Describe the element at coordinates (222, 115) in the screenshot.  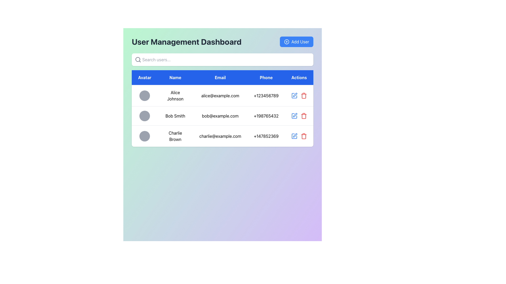
I see `the table row containing the entry for 'Bob Smith', which includes a light gray circular avatar, the email 'bob@example.com', and action buttons for editing and deleting` at that location.